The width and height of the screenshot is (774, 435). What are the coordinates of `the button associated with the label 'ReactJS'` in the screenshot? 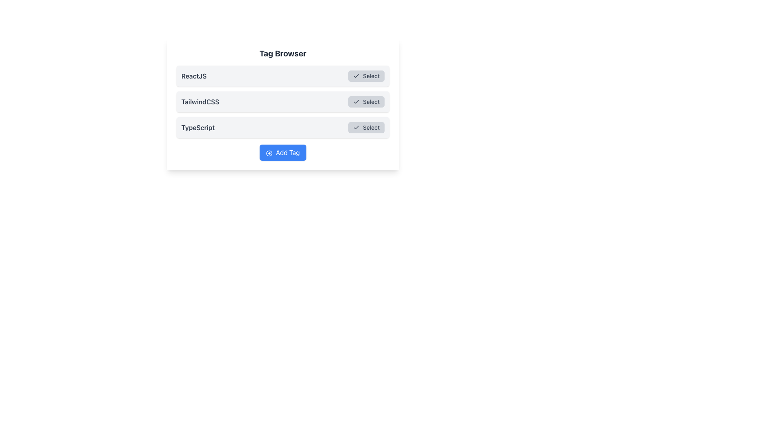 It's located at (366, 76).